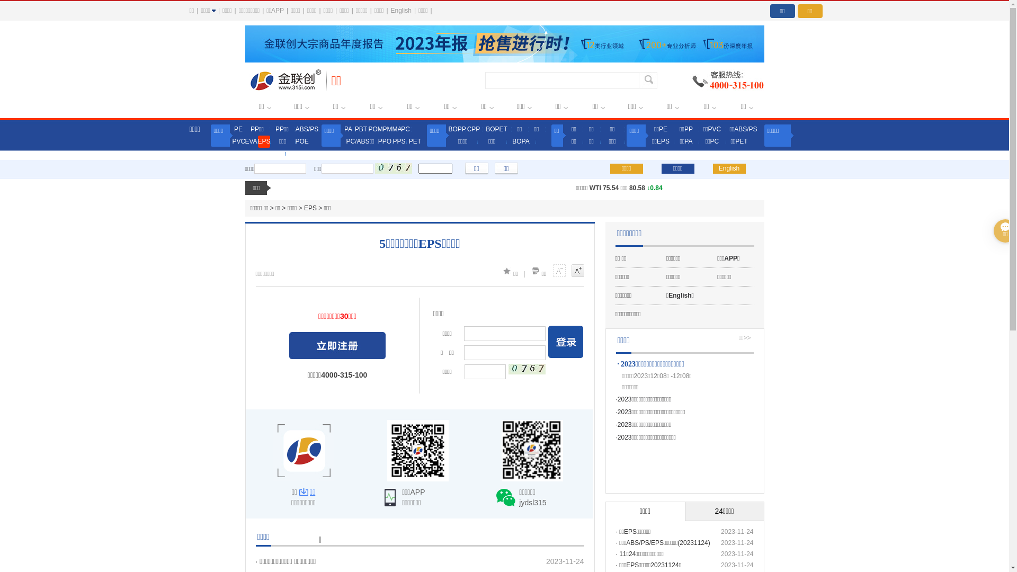 The height and width of the screenshot is (572, 1017). Describe the element at coordinates (495, 129) in the screenshot. I see `'BOPET'` at that location.